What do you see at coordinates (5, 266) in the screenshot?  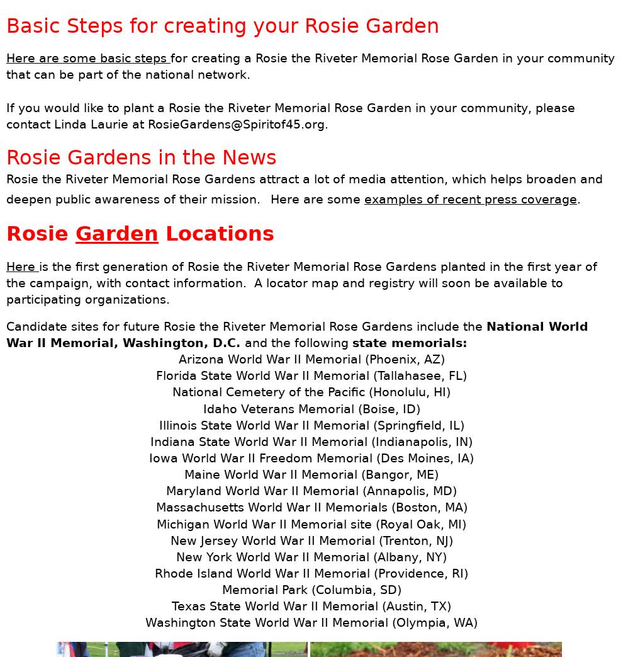 I see `'Here'` at bounding box center [5, 266].